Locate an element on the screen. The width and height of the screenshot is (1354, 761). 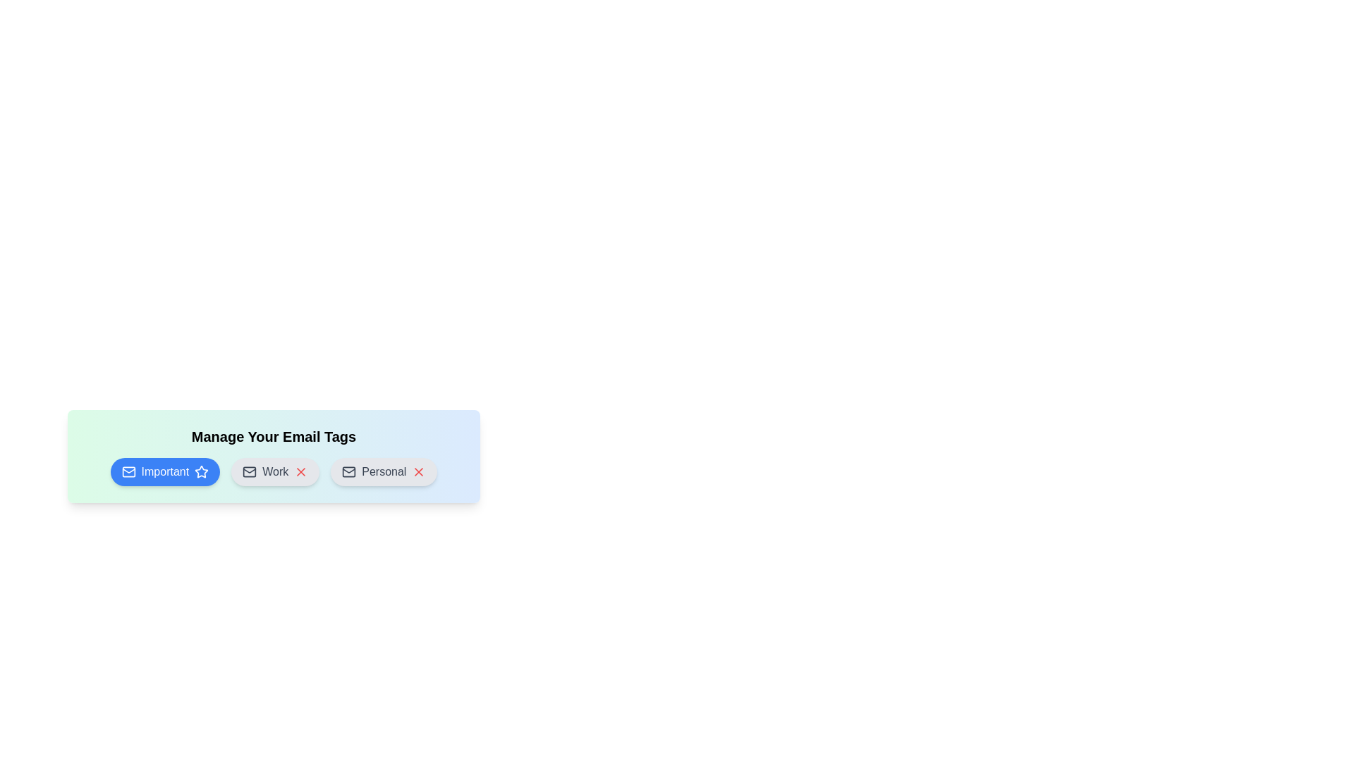
the tag Important to see its hover effect is located at coordinates (165, 472).